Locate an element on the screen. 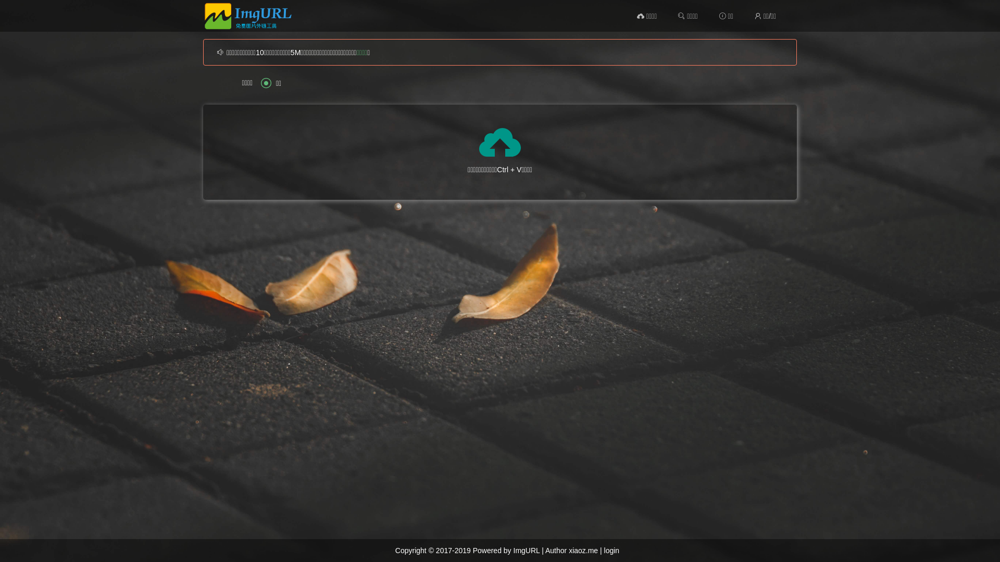 The width and height of the screenshot is (1000, 562). 'ImgURL' is located at coordinates (527, 550).